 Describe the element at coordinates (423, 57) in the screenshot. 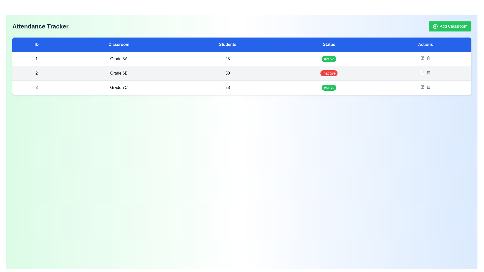

I see `the 'Edit' button (pen icon) in the Actions column of the second row for the classroom 'Grade 6B' to initiate editing` at that location.